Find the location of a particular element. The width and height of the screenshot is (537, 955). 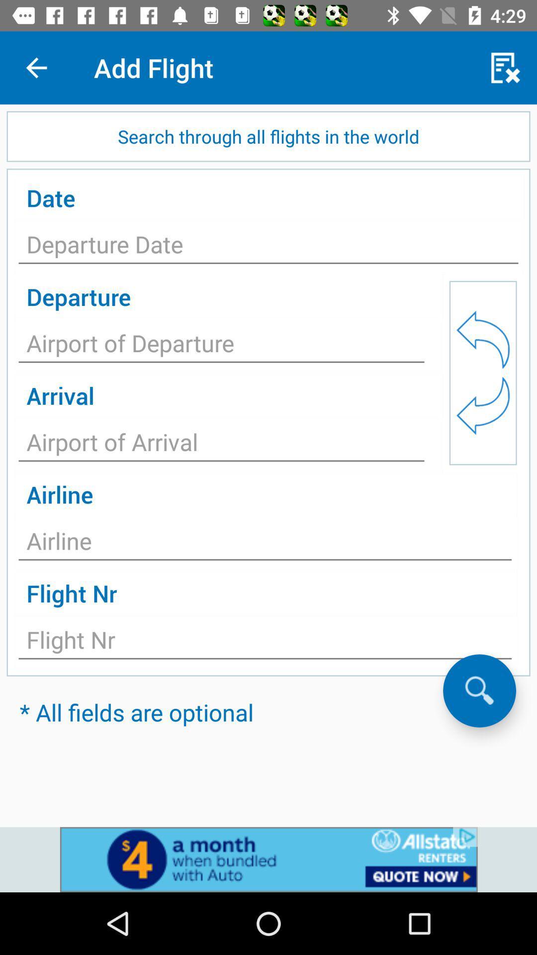

search for the flight is located at coordinates (479, 690).